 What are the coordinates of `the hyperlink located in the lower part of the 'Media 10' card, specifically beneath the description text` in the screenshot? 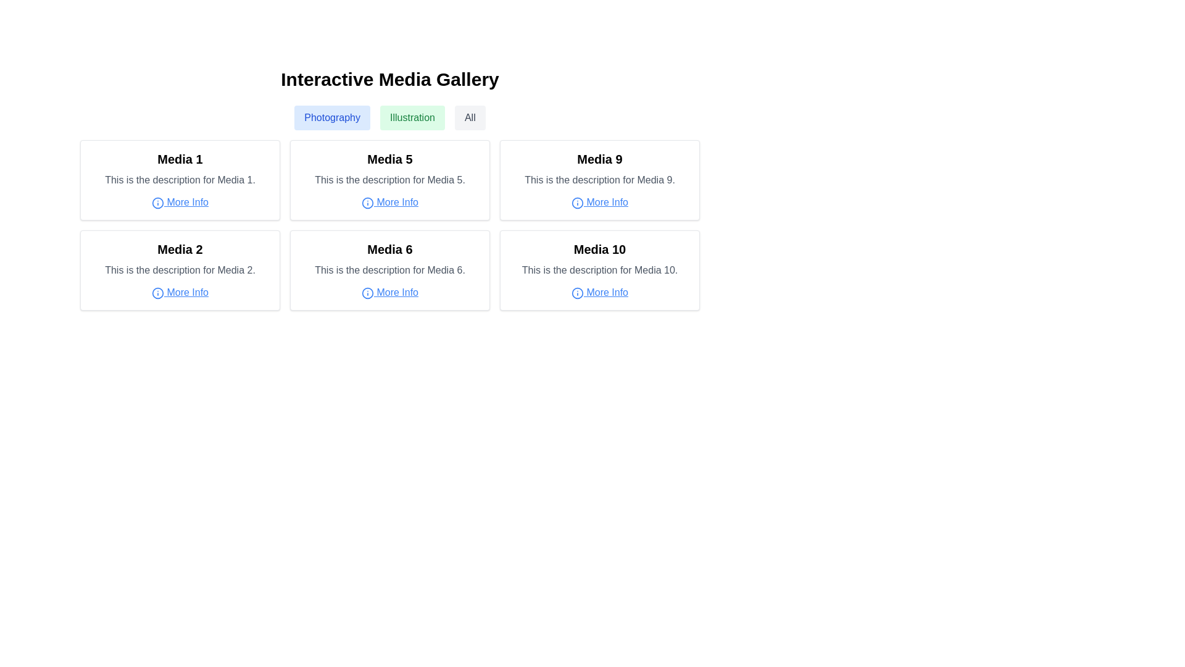 It's located at (599, 293).